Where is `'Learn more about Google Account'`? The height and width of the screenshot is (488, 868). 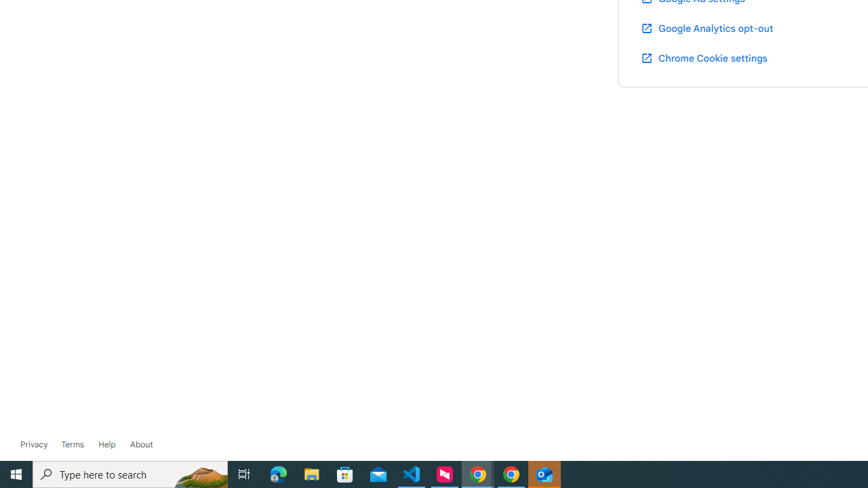 'Learn more about Google Account' is located at coordinates (141, 444).